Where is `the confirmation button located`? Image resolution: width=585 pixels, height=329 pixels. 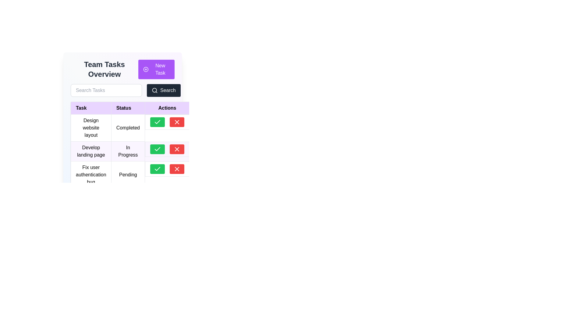
the confirmation button located is located at coordinates (158, 169).